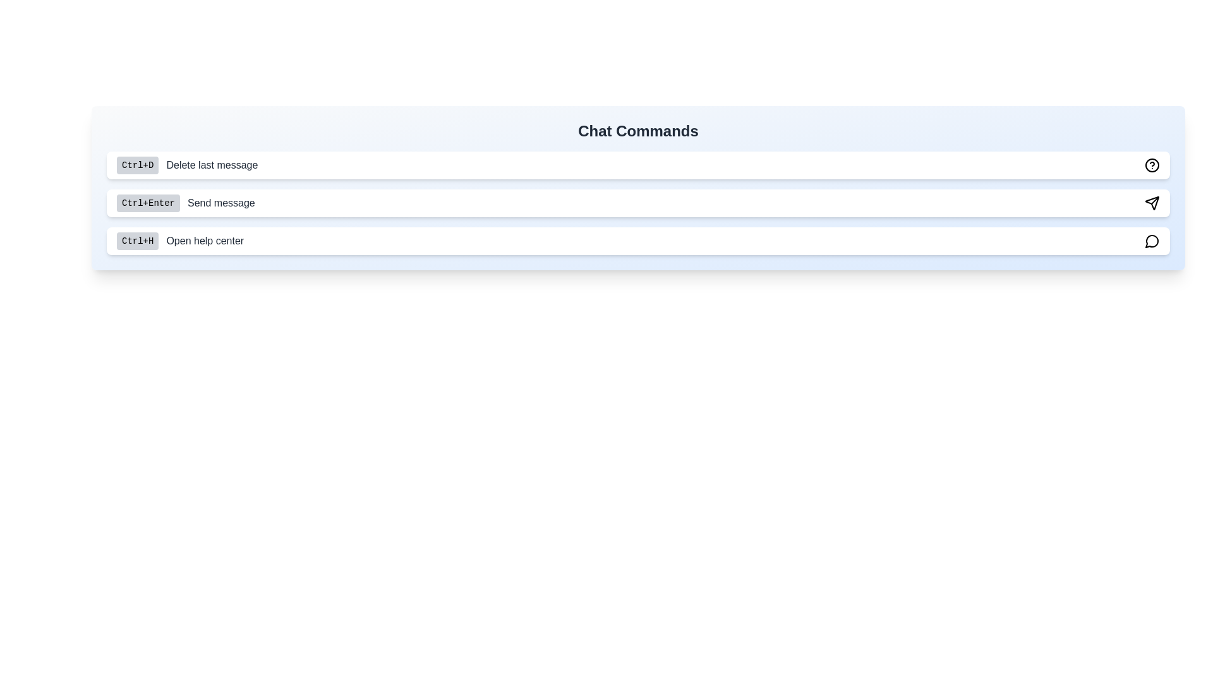 This screenshot has width=1213, height=682. What do you see at coordinates (638, 202) in the screenshot?
I see `the instructional command row that indicates the keyboard shortcut 'Ctrl+Enter' for the action 'Send message', located between 'Ctrl+D Delete last message' and 'Ctrl+H Open help center'` at bounding box center [638, 202].